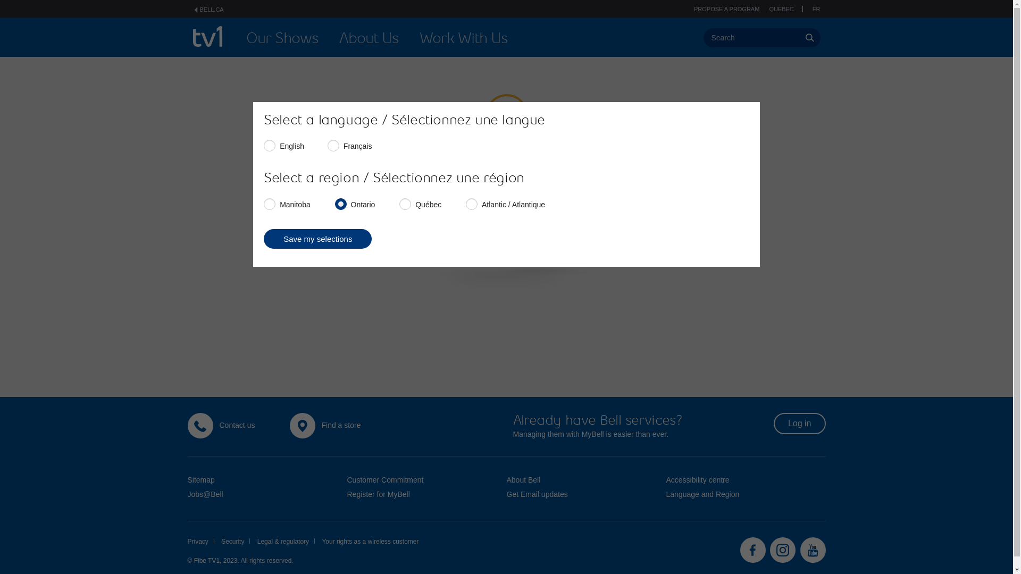 This screenshot has height=574, width=1021. Describe the element at coordinates (384, 479) in the screenshot. I see `'Customer Commitment'` at that location.